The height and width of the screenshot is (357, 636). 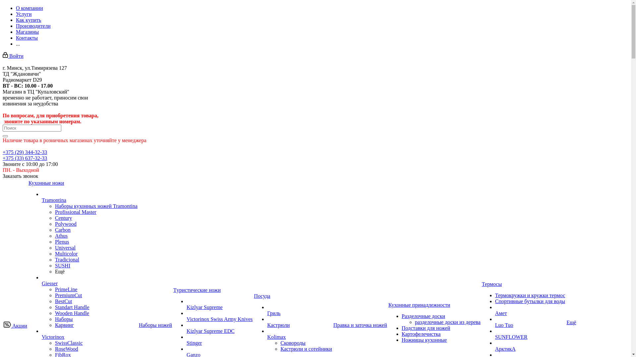 What do you see at coordinates (186, 350) in the screenshot?
I see `'Ganzo'` at bounding box center [186, 350].